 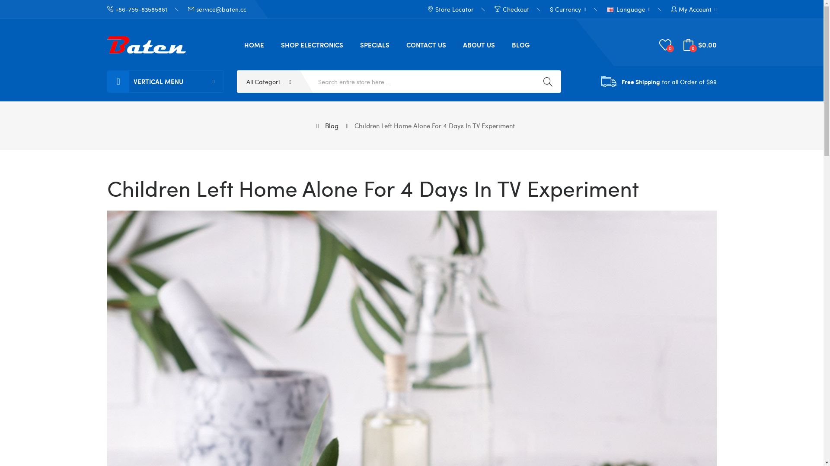 I want to click on '0, so click(x=699, y=45).